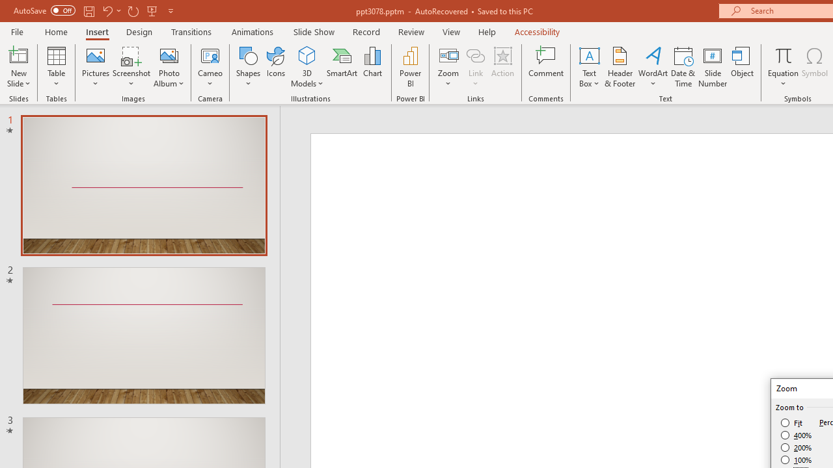  What do you see at coordinates (712, 67) in the screenshot?
I see `'Slide Number'` at bounding box center [712, 67].